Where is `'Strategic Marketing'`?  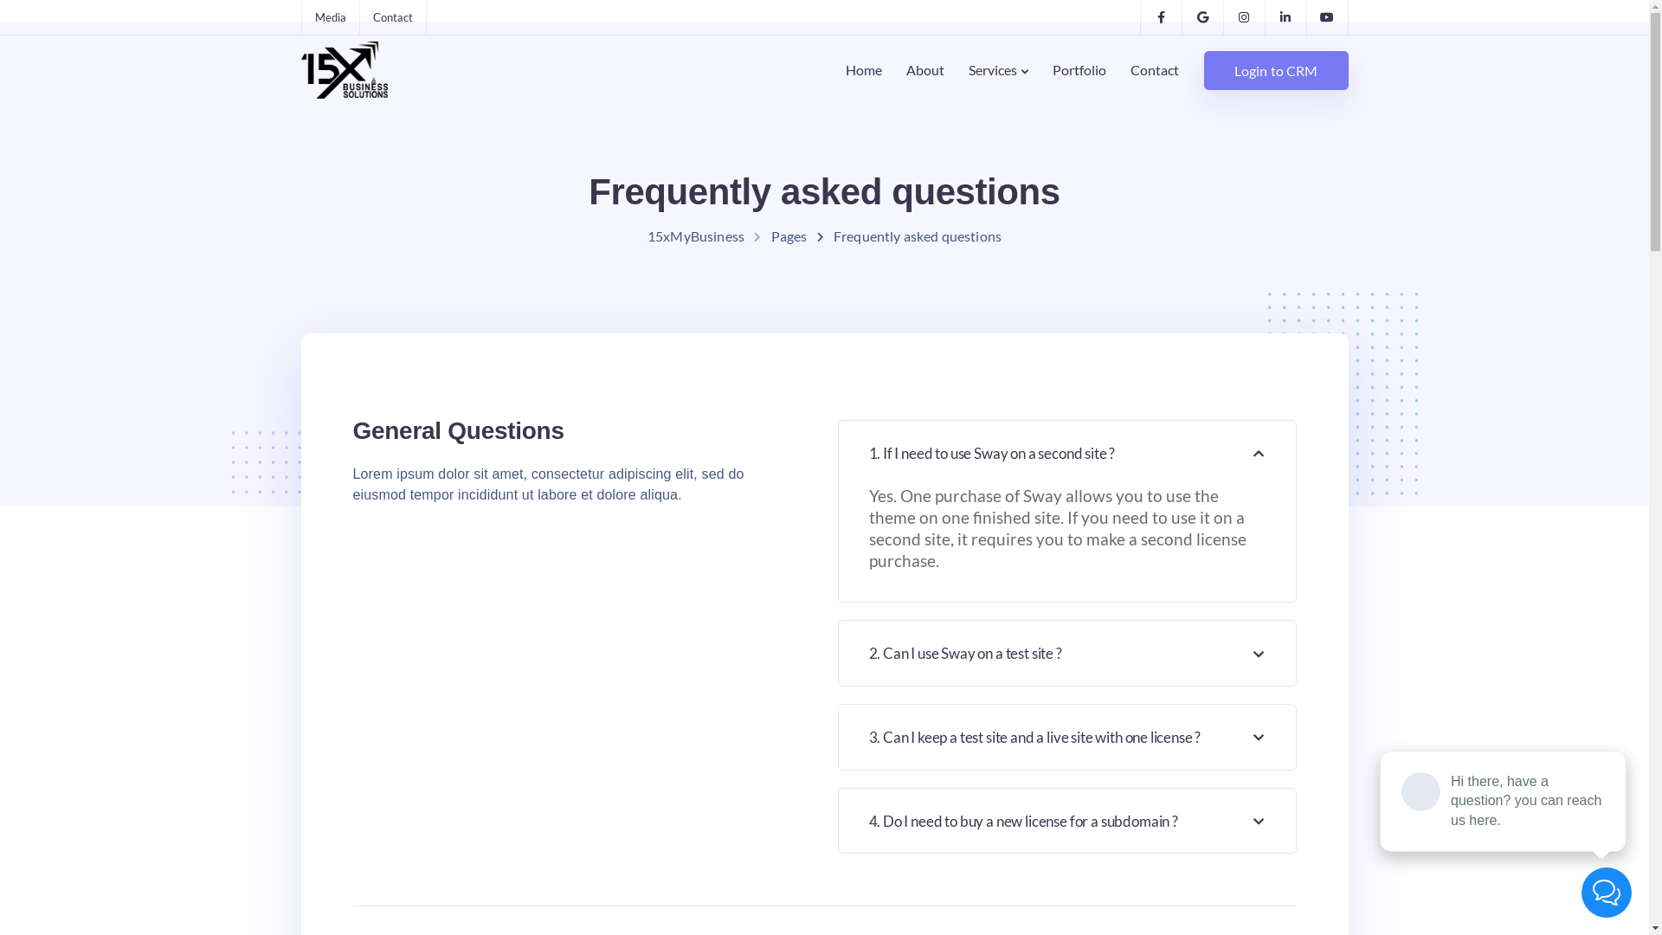 'Strategic Marketing' is located at coordinates (583, 680).